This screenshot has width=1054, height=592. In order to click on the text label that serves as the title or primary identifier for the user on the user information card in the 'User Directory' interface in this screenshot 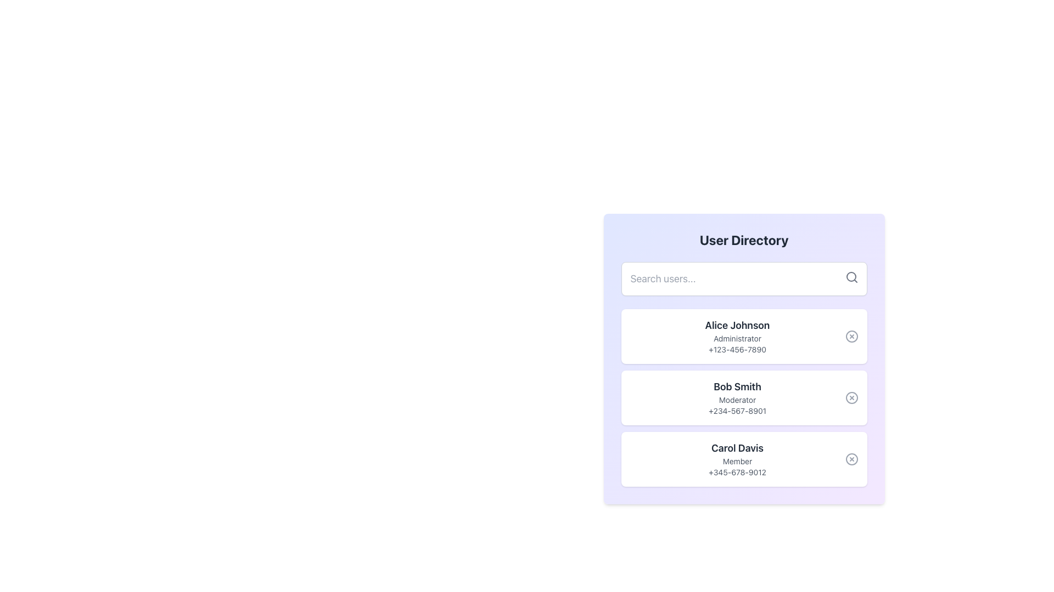, I will do `click(737, 325)`.